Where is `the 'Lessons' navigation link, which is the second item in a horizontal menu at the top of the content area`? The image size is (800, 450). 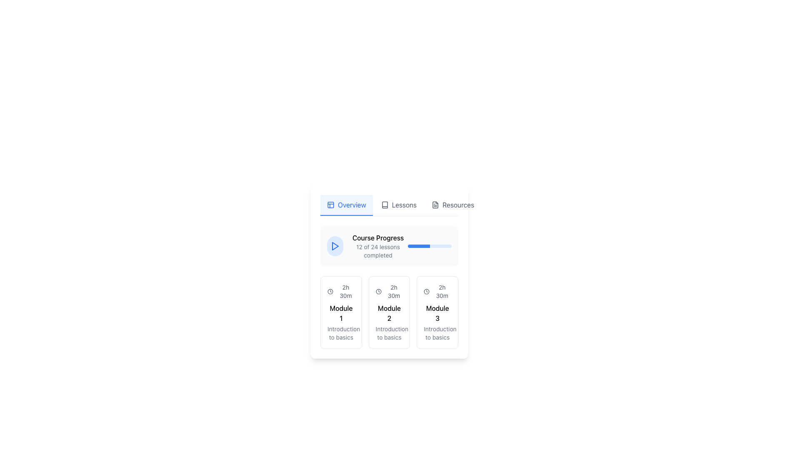 the 'Lessons' navigation link, which is the second item in a horizontal menu at the top of the content area is located at coordinates (404, 205).